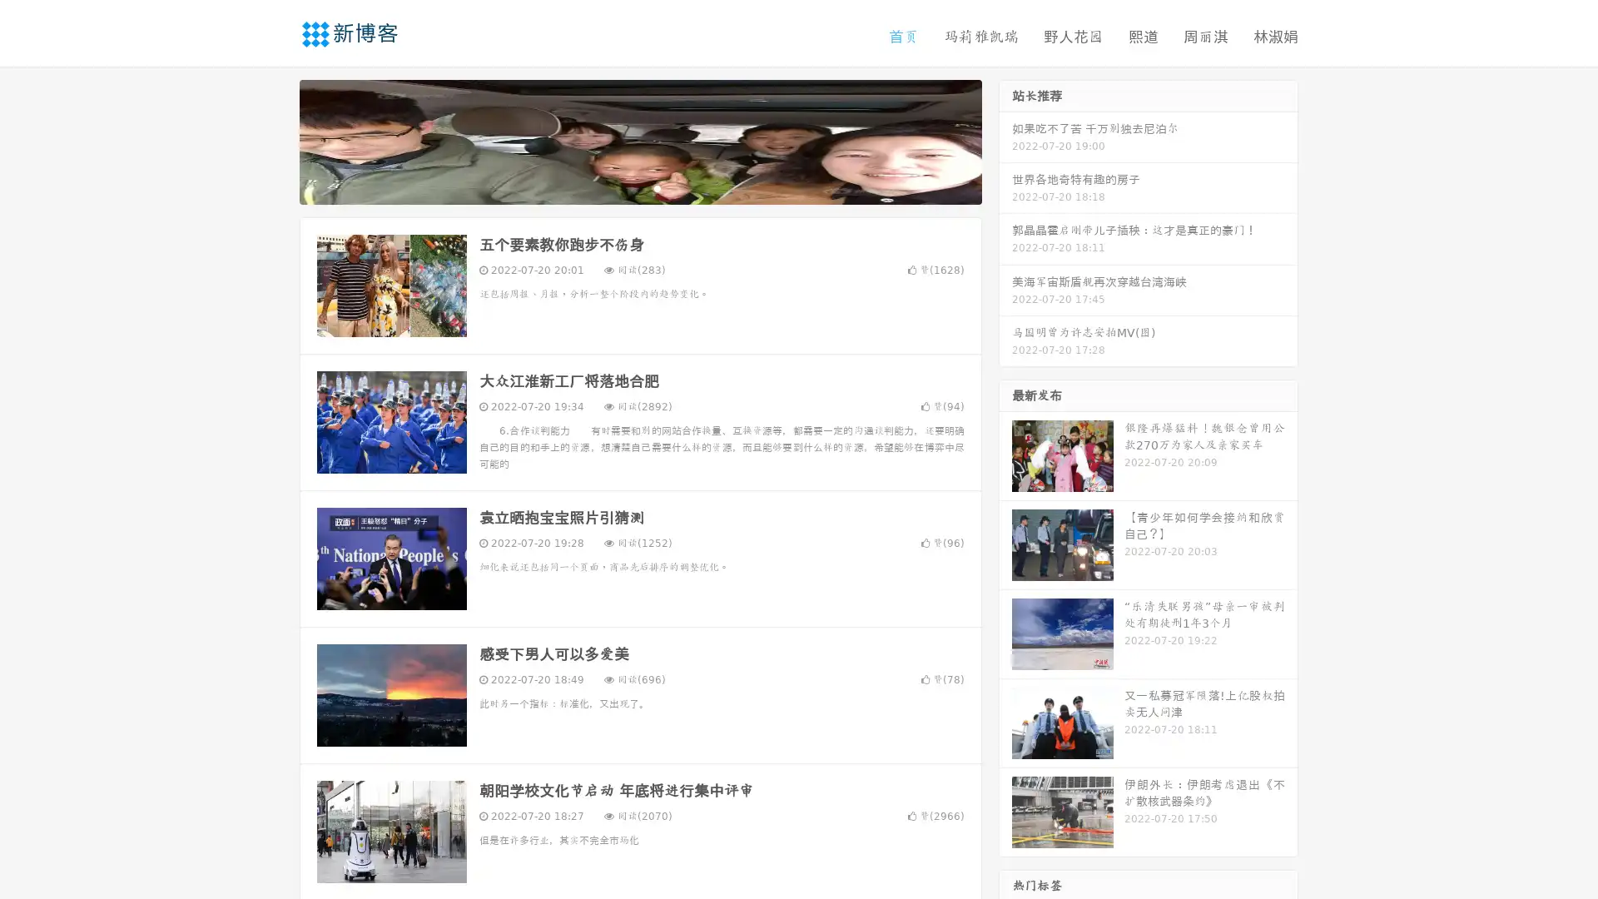 The height and width of the screenshot is (899, 1598). Describe the element at coordinates (1005, 140) in the screenshot. I see `Next slide` at that location.